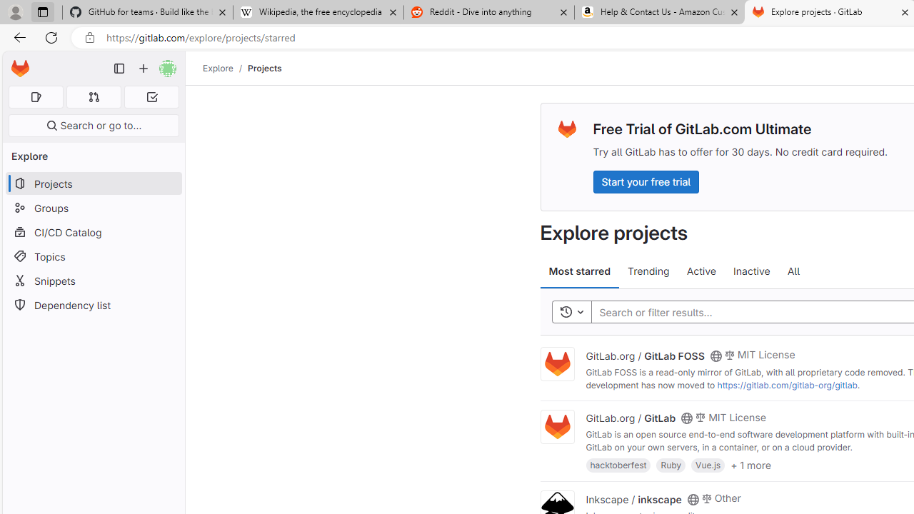  I want to click on 'Class: s14 gl-mr-2', so click(706, 497).